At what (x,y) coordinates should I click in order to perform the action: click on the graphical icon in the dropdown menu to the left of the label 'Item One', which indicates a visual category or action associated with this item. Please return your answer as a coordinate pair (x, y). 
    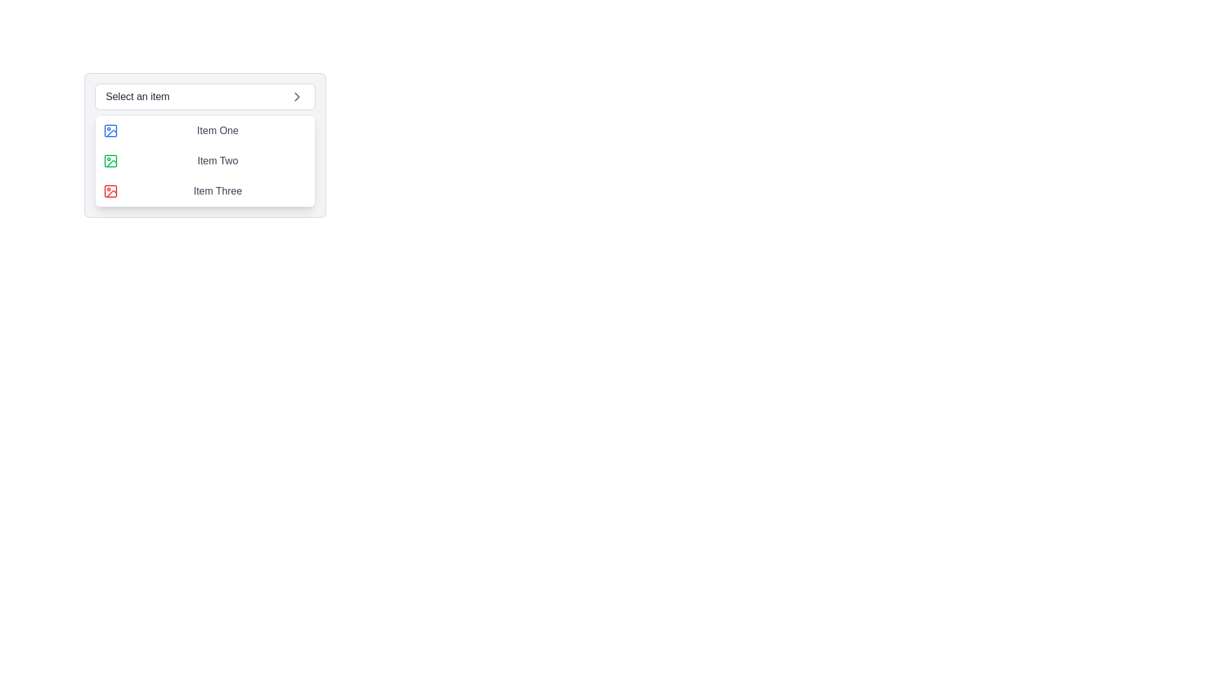
    Looking at the image, I should click on (111, 133).